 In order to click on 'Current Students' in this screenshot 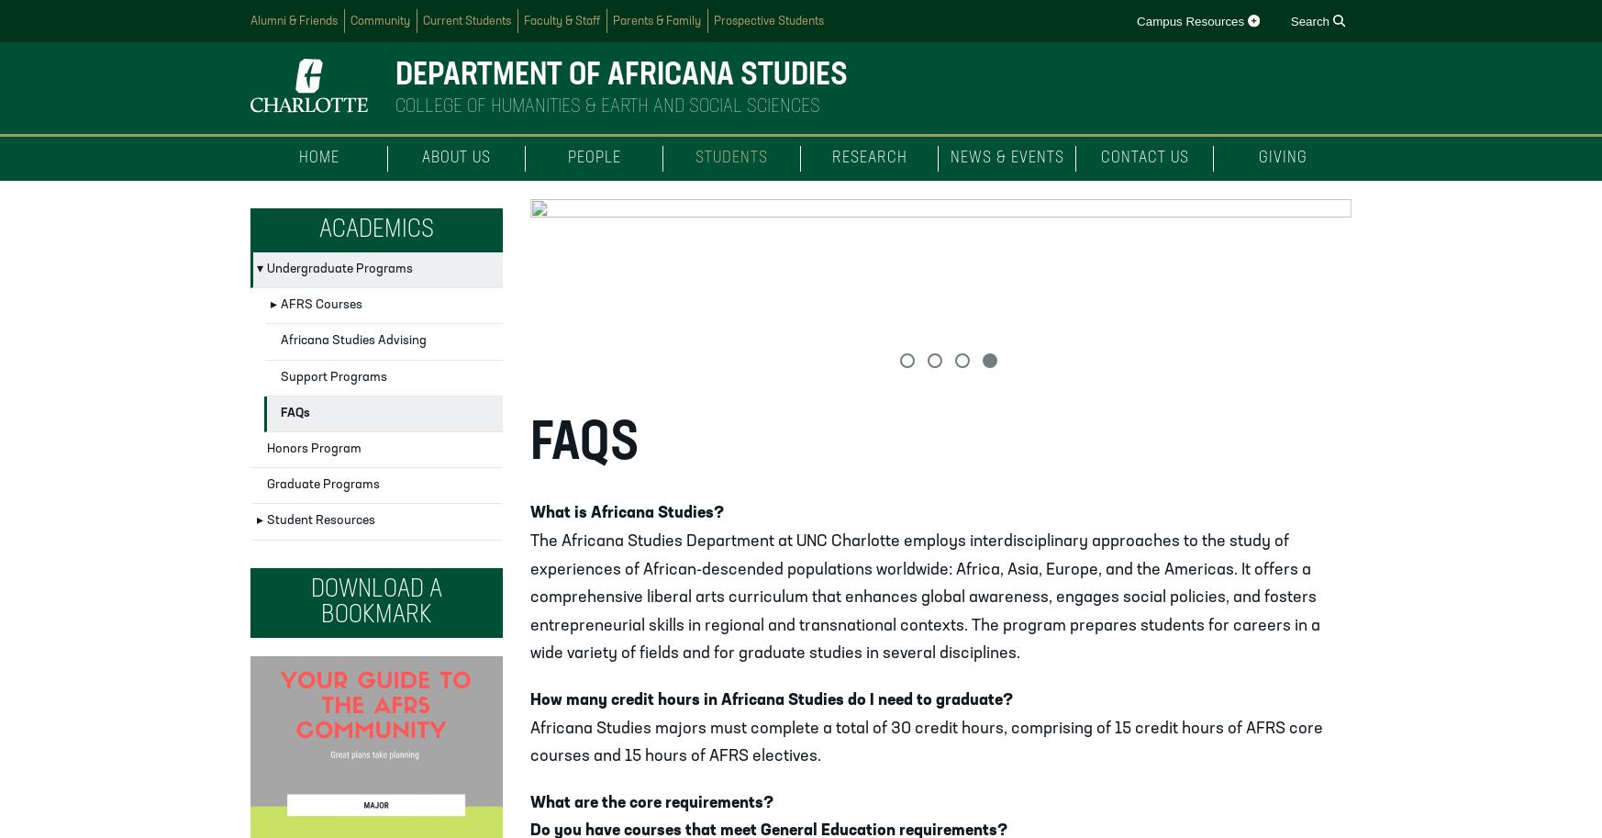, I will do `click(466, 20)`.